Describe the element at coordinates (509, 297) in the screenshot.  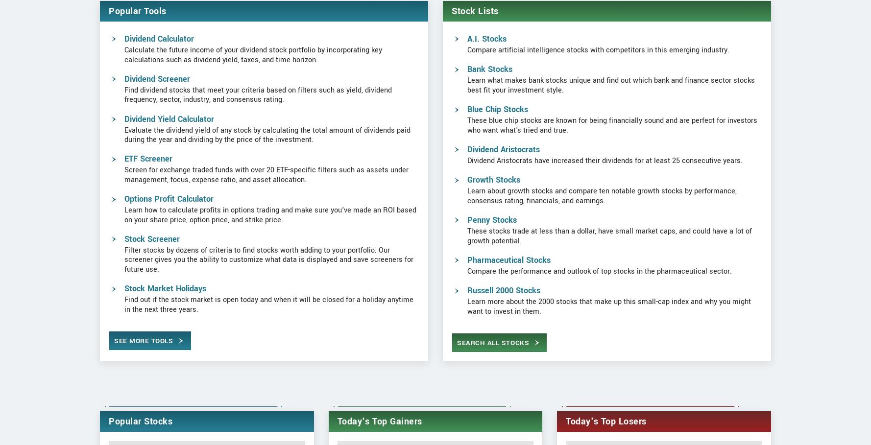
I see `'Pharmaceutical Stocks'` at that location.